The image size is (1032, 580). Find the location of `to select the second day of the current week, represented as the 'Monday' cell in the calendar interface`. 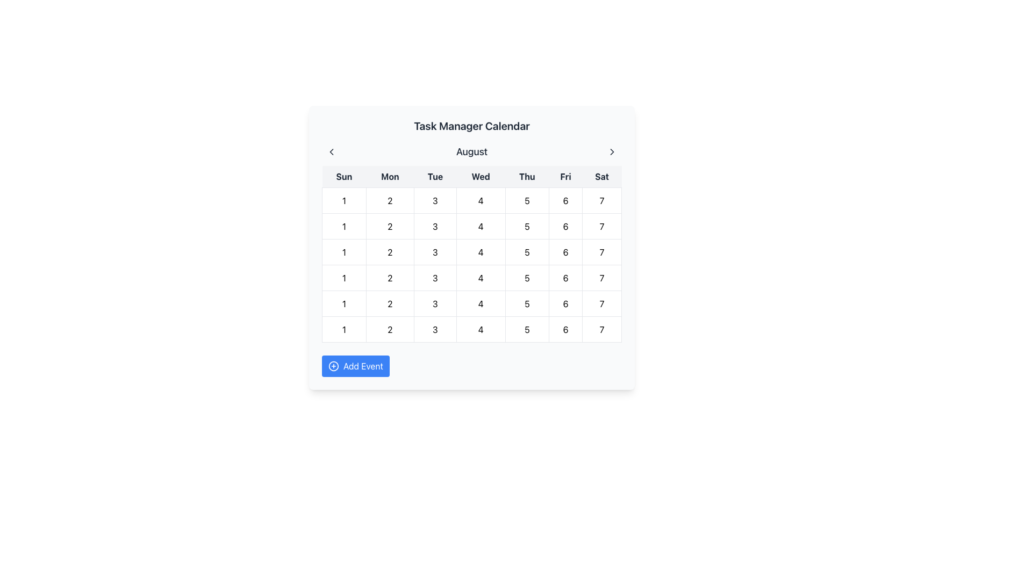

to select the second day of the current week, represented as the 'Monday' cell in the calendar interface is located at coordinates (389, 329).